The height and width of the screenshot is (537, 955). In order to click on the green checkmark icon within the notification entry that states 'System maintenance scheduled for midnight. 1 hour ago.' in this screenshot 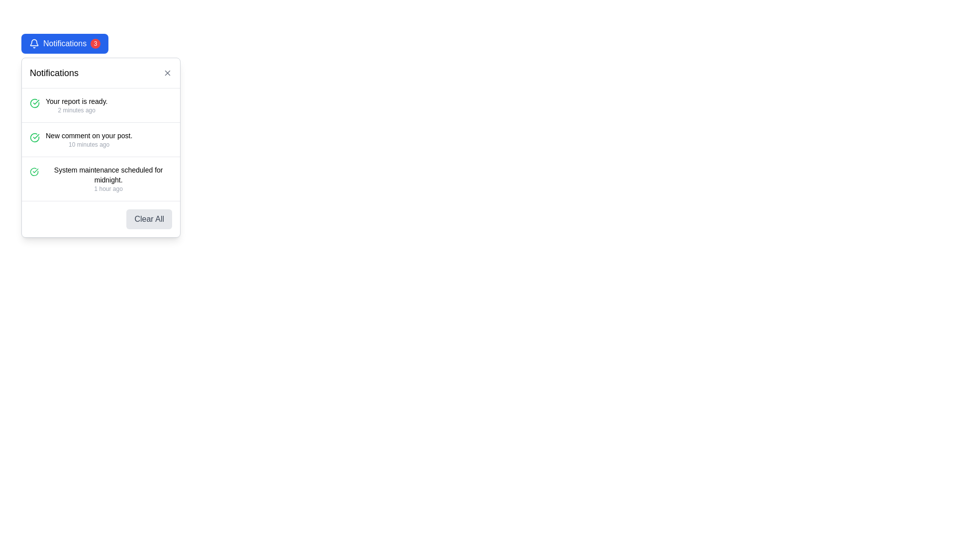, I will do `click(34, 172)`.